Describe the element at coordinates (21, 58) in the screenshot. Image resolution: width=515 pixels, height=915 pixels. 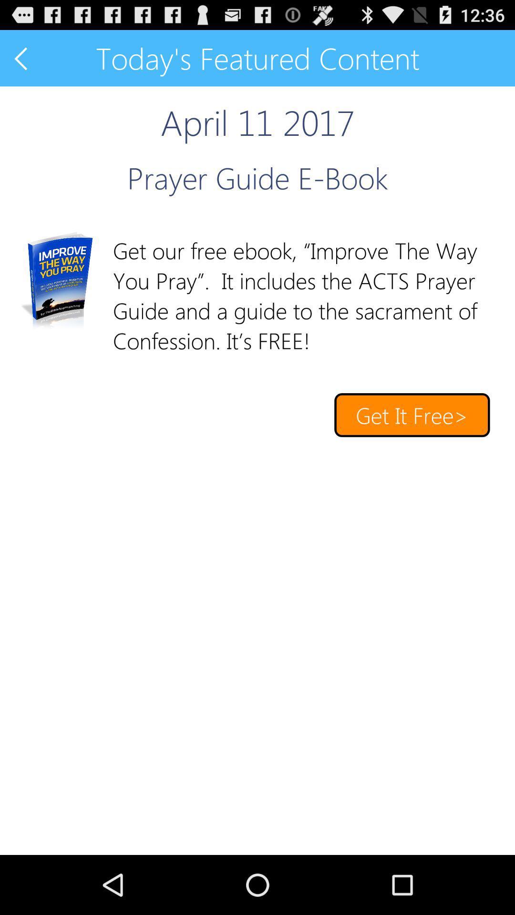
I see `the item above april 11 2017` at that location.